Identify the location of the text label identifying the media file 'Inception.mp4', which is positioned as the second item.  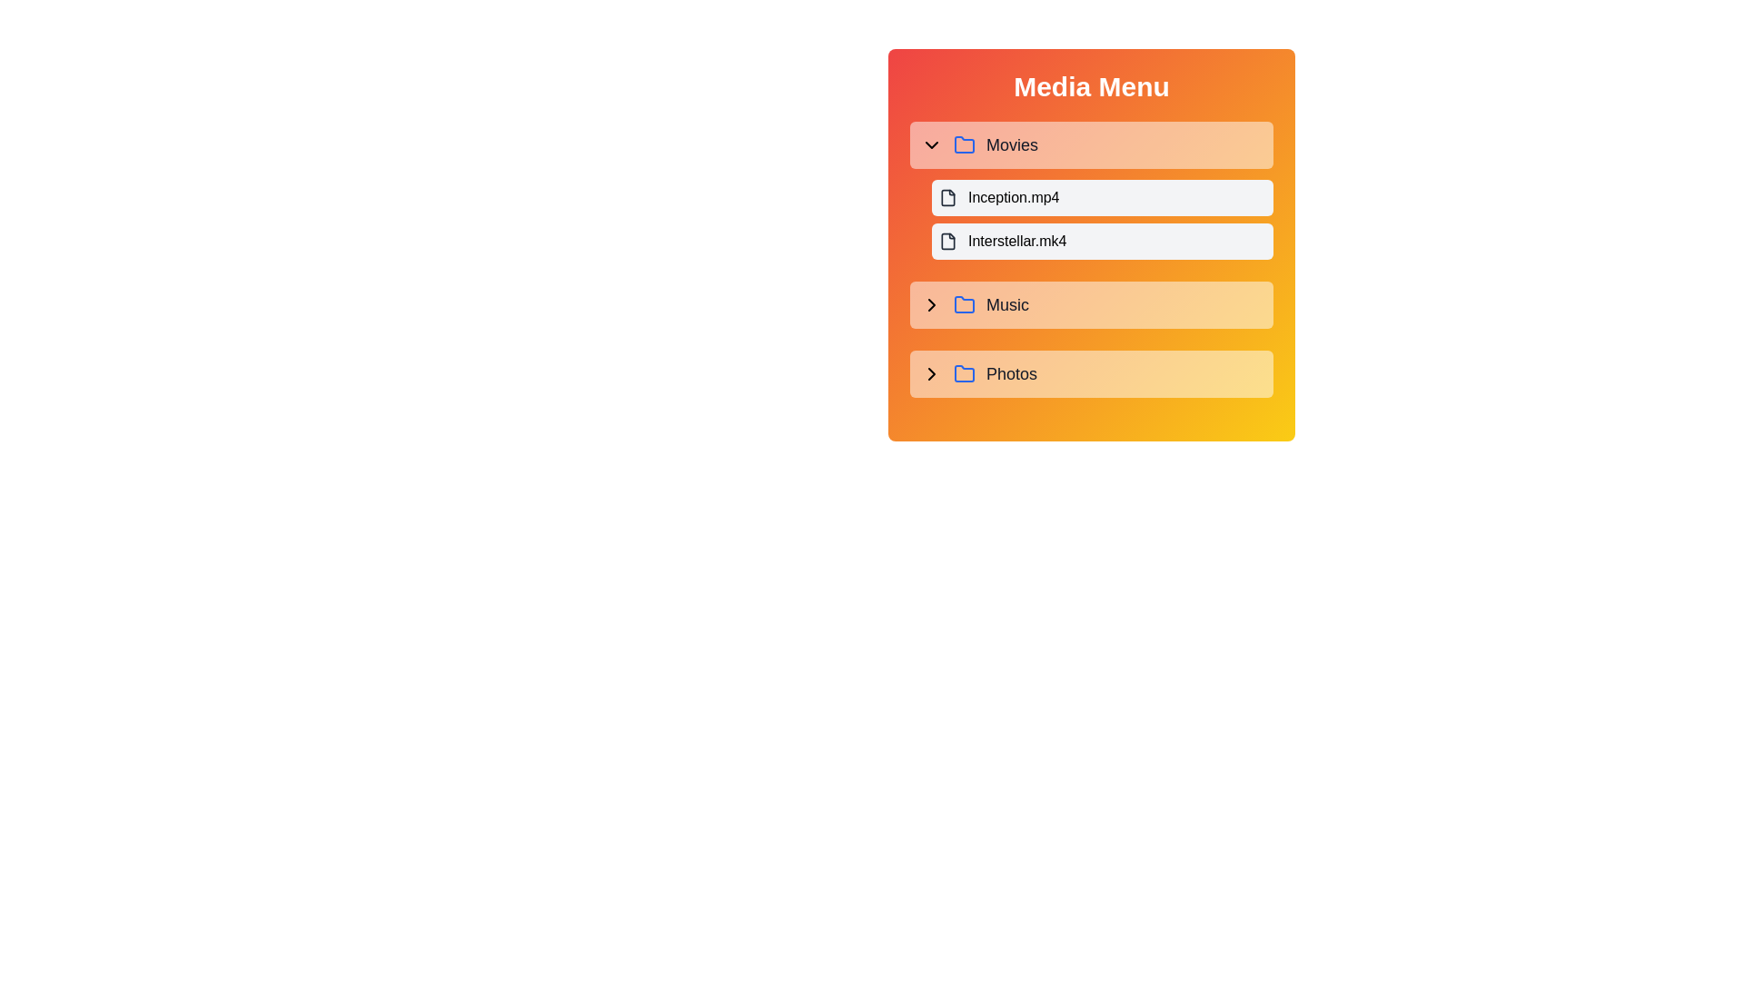
(1013, 198).